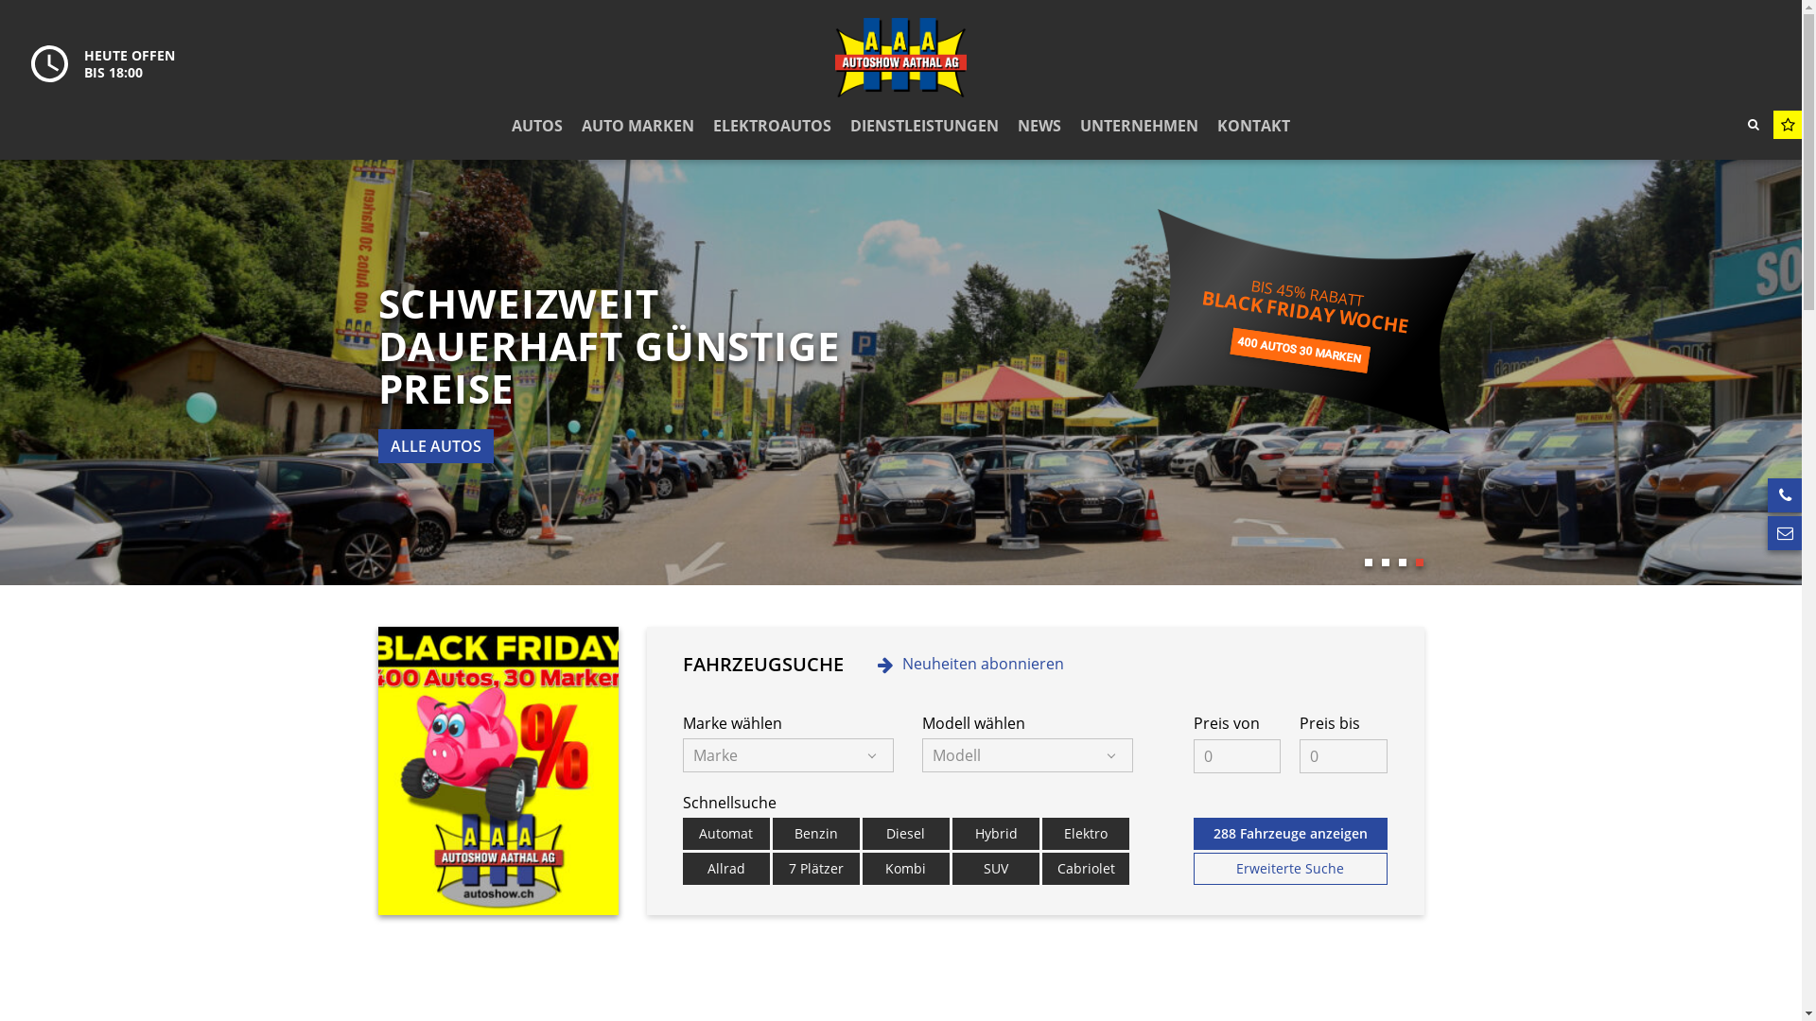 Image resolution: width=1816 pixels, height=1021 pixels. I want to click on '4', so click(1418, 561).